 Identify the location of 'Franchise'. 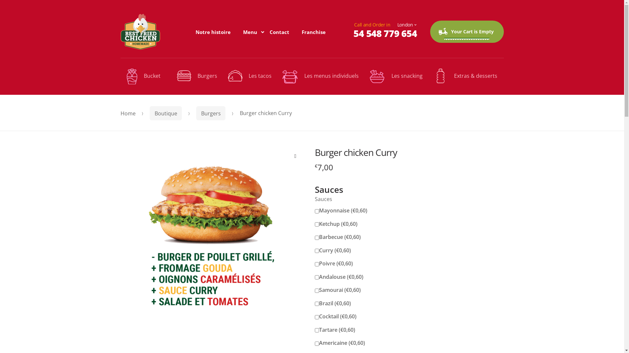
(313, 31).